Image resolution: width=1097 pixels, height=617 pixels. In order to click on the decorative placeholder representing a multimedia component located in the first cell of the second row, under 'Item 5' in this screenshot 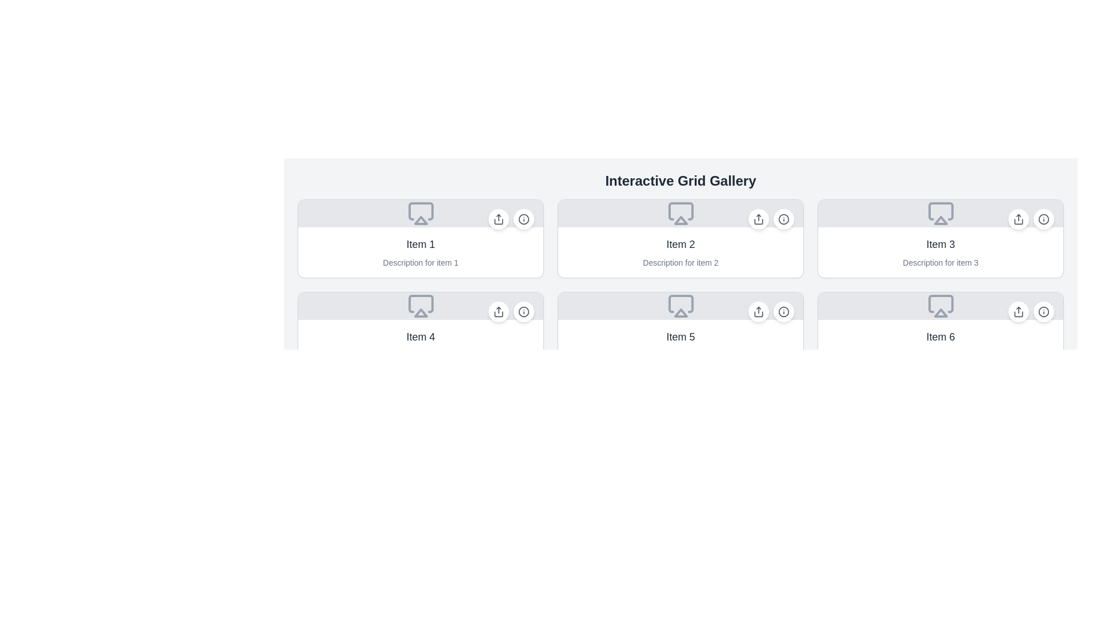, I will do `click(680, 306)`.